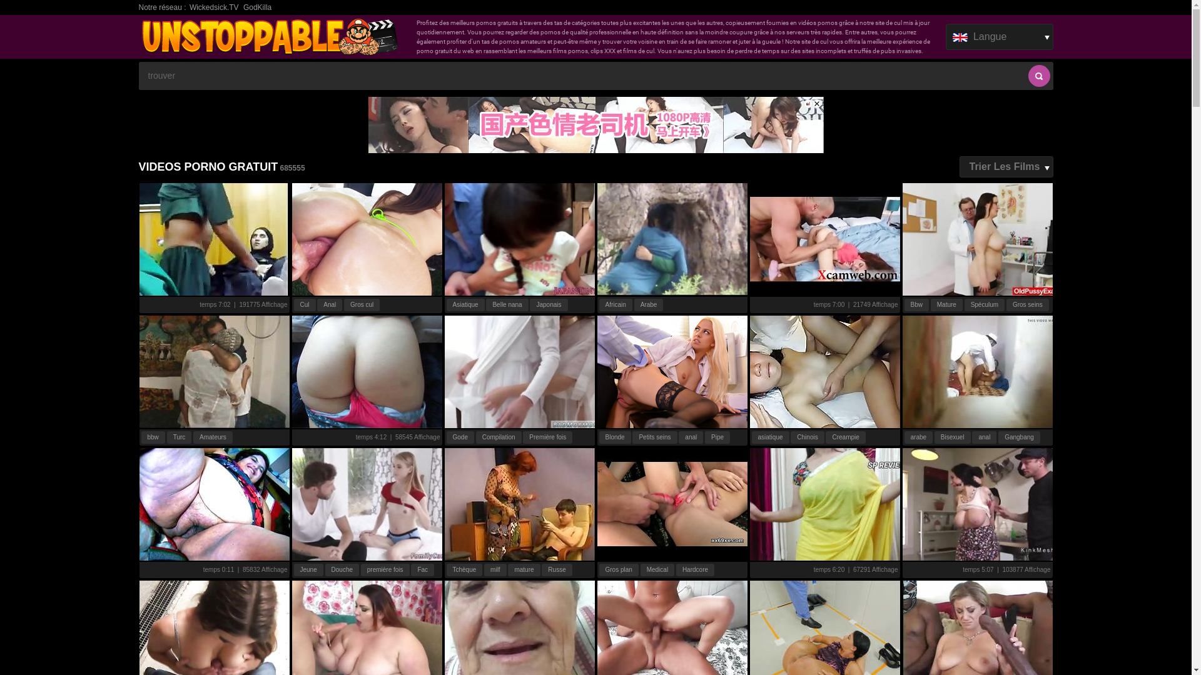  I want to click on 'Chinois', so click(807, 436).